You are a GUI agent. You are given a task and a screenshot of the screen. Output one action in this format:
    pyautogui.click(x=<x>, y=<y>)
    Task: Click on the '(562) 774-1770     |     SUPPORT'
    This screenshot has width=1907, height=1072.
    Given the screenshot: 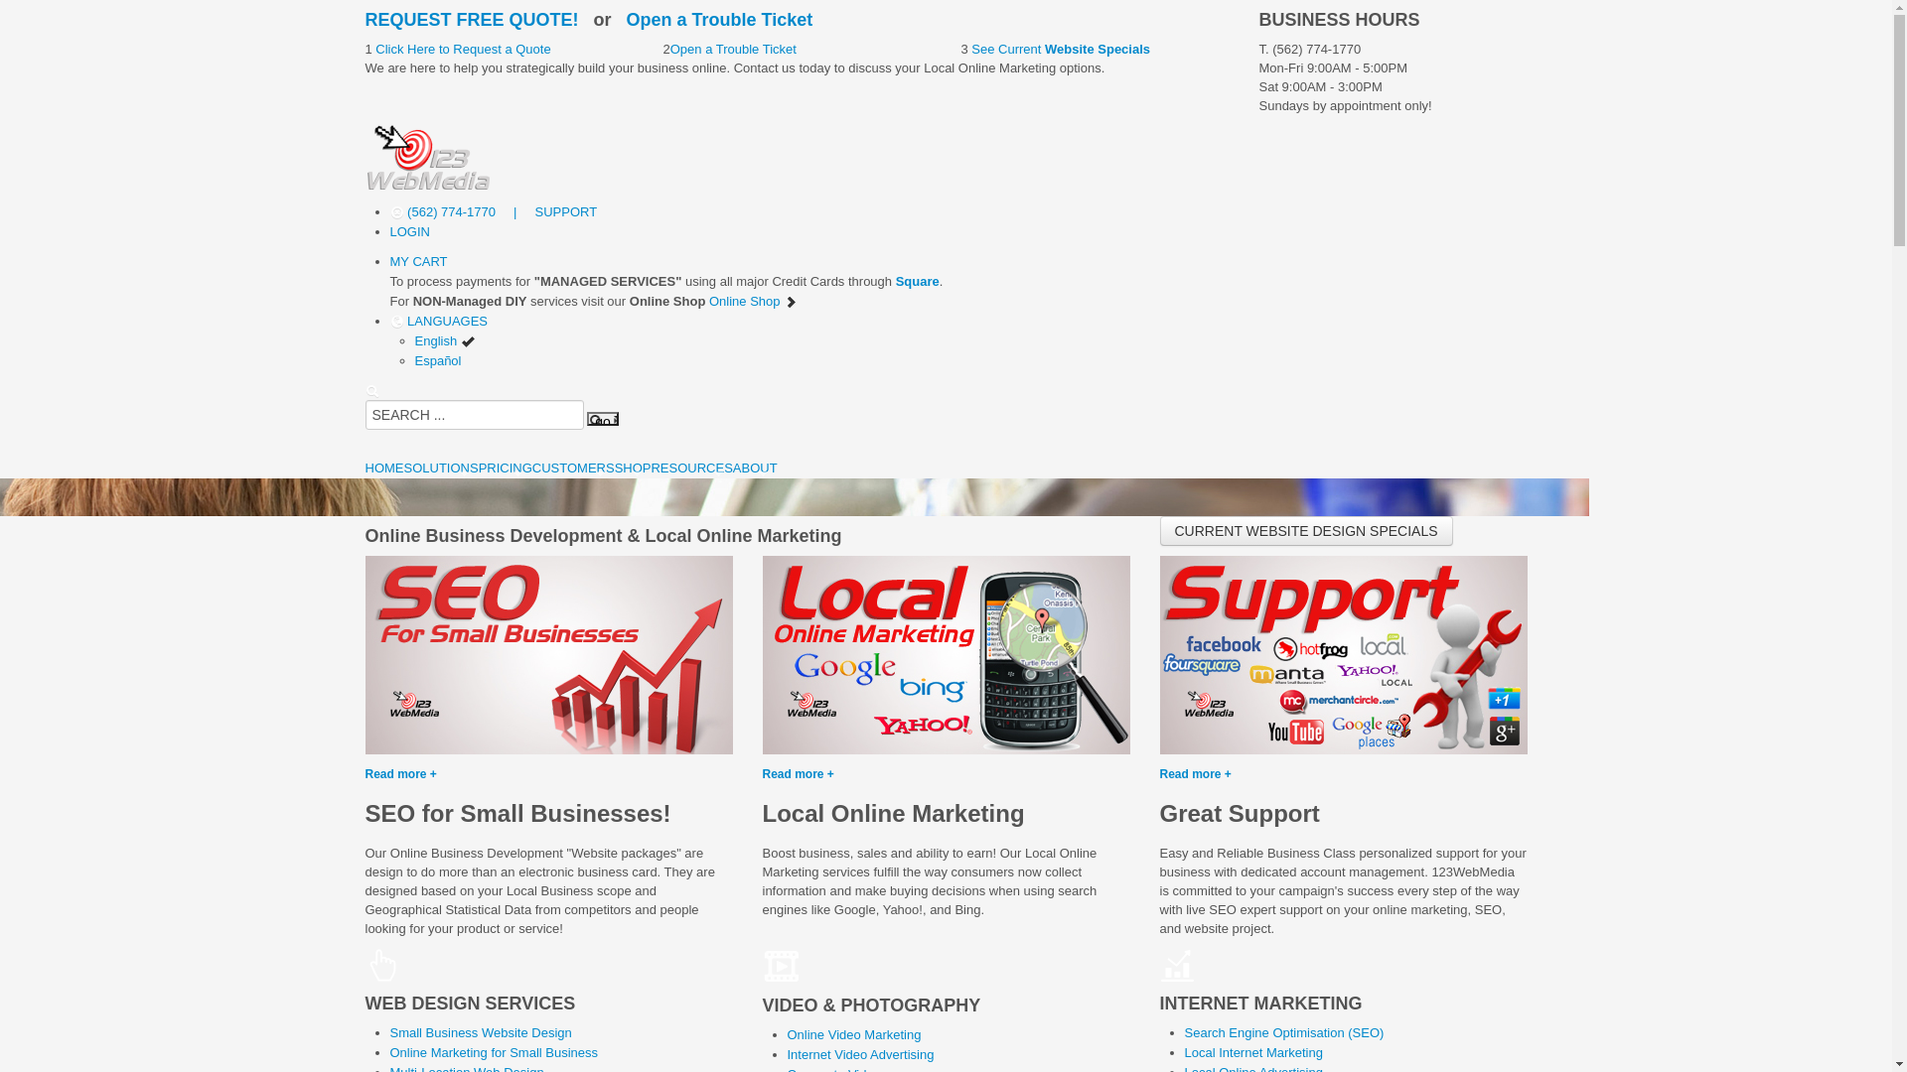 What is the action you would take?
    pyautogui.click(x=493, y=211)
    